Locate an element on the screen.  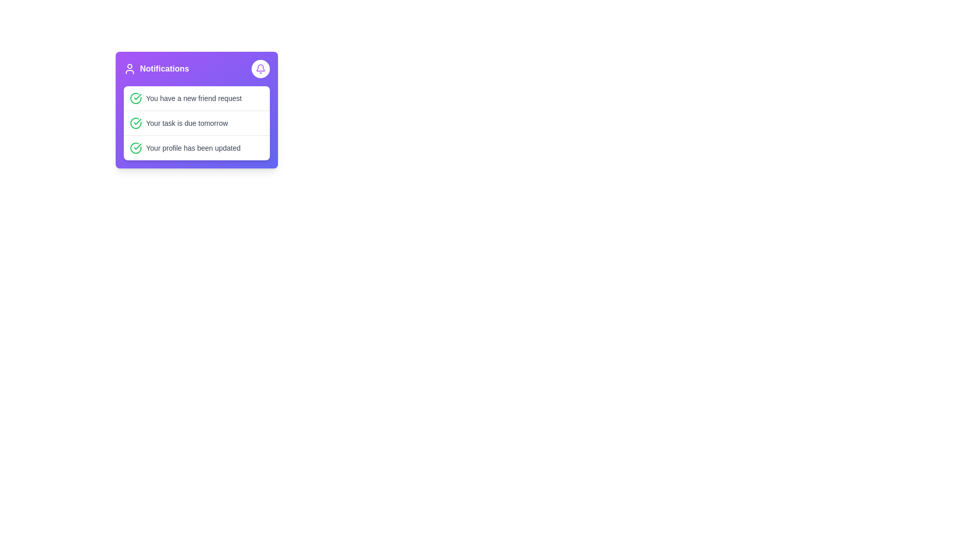
the confirmation message text label indicating successful profile update, which is located at the bottom of the notification card, aligned with a green check mark icon is located at coordinates (193, 148).